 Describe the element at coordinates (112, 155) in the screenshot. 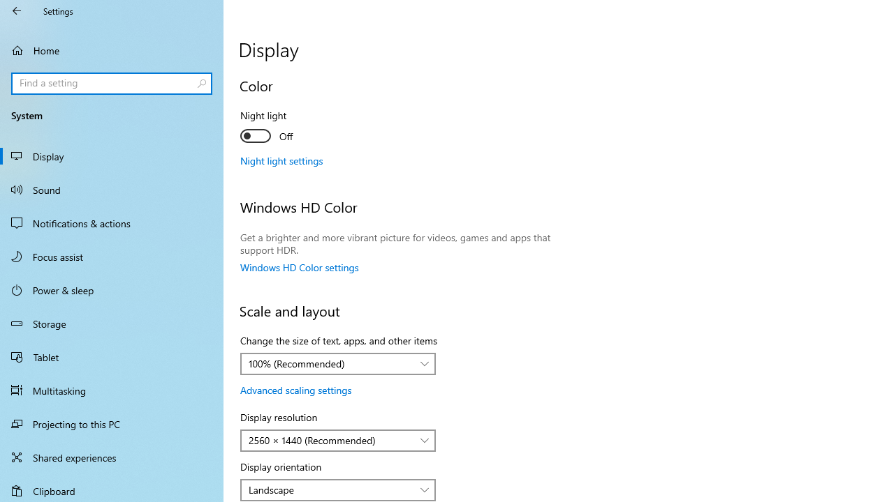

I see `'Display'` at that location.